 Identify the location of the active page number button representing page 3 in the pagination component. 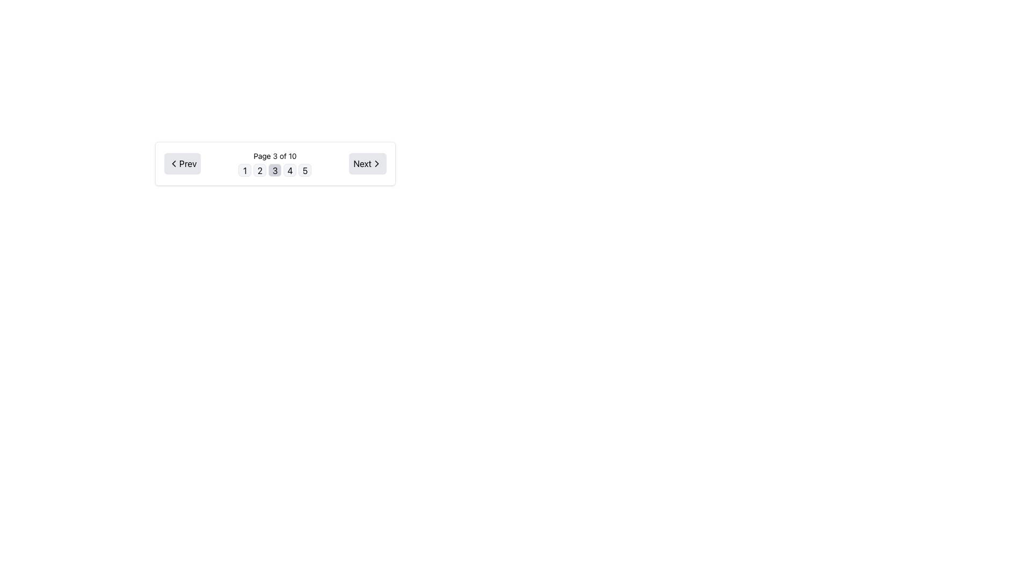
(275, 169).